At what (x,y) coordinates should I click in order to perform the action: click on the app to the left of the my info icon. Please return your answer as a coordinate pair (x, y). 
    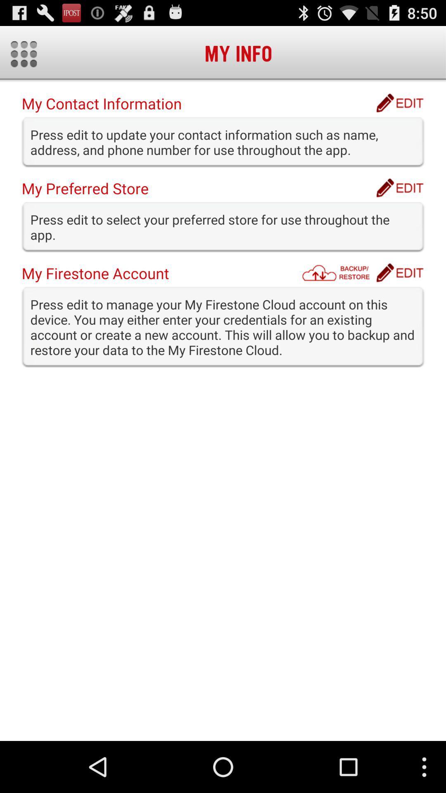
    Looking at the image, I should click on (23, 54).